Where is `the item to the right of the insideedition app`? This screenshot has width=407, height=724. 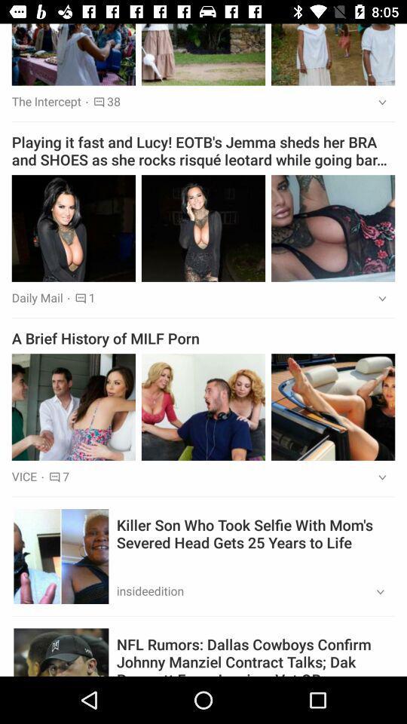
the item to the right of the insideedition app is located at coordinates (375, 592).